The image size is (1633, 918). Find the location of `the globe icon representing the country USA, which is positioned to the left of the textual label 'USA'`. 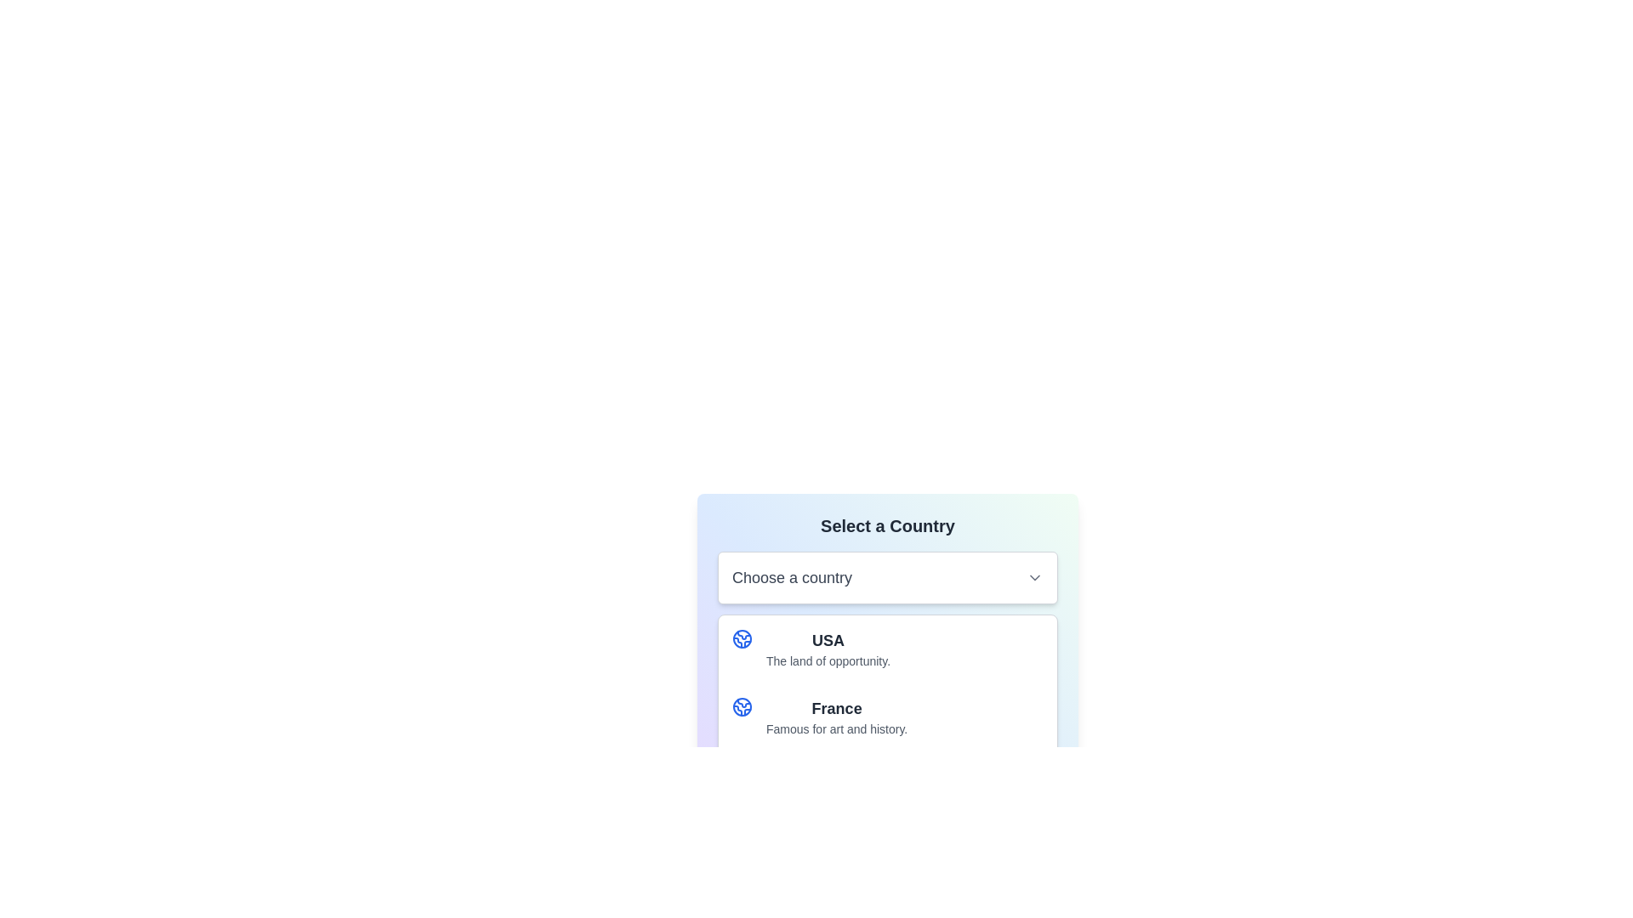

the globe icon representing the country USA, which is positioned to the left of the textual label 'USA' is located at coordinates (743, 639).